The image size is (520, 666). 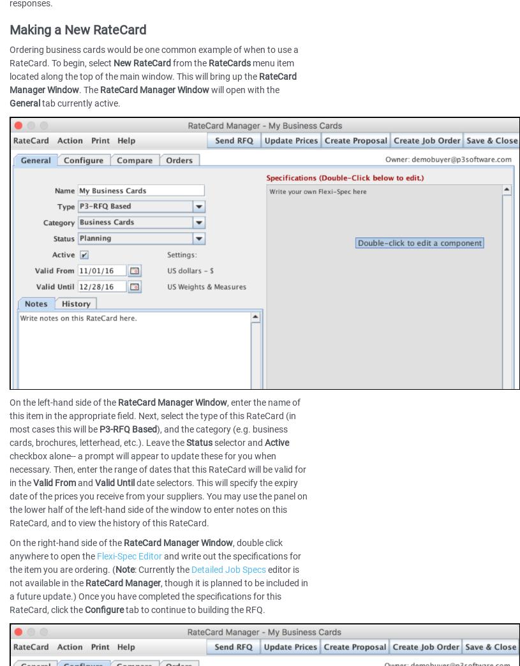 I want to click on 'from the', so click(x=189, y=63).